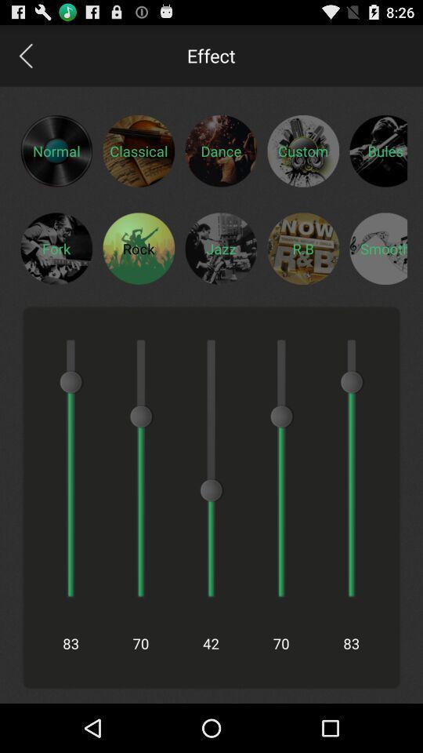 This screenshot has width=423, height=753. I want to click on rock, so click(139, 248).